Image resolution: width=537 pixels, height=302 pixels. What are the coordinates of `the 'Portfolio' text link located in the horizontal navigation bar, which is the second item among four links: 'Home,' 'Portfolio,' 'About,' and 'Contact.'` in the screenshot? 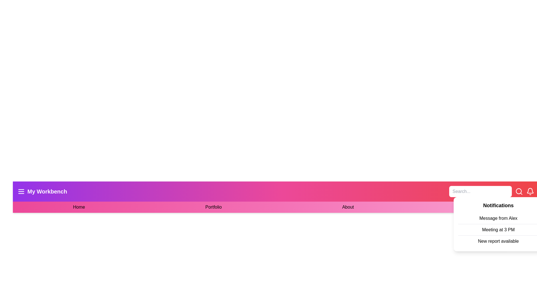 It's located at (213, 207).